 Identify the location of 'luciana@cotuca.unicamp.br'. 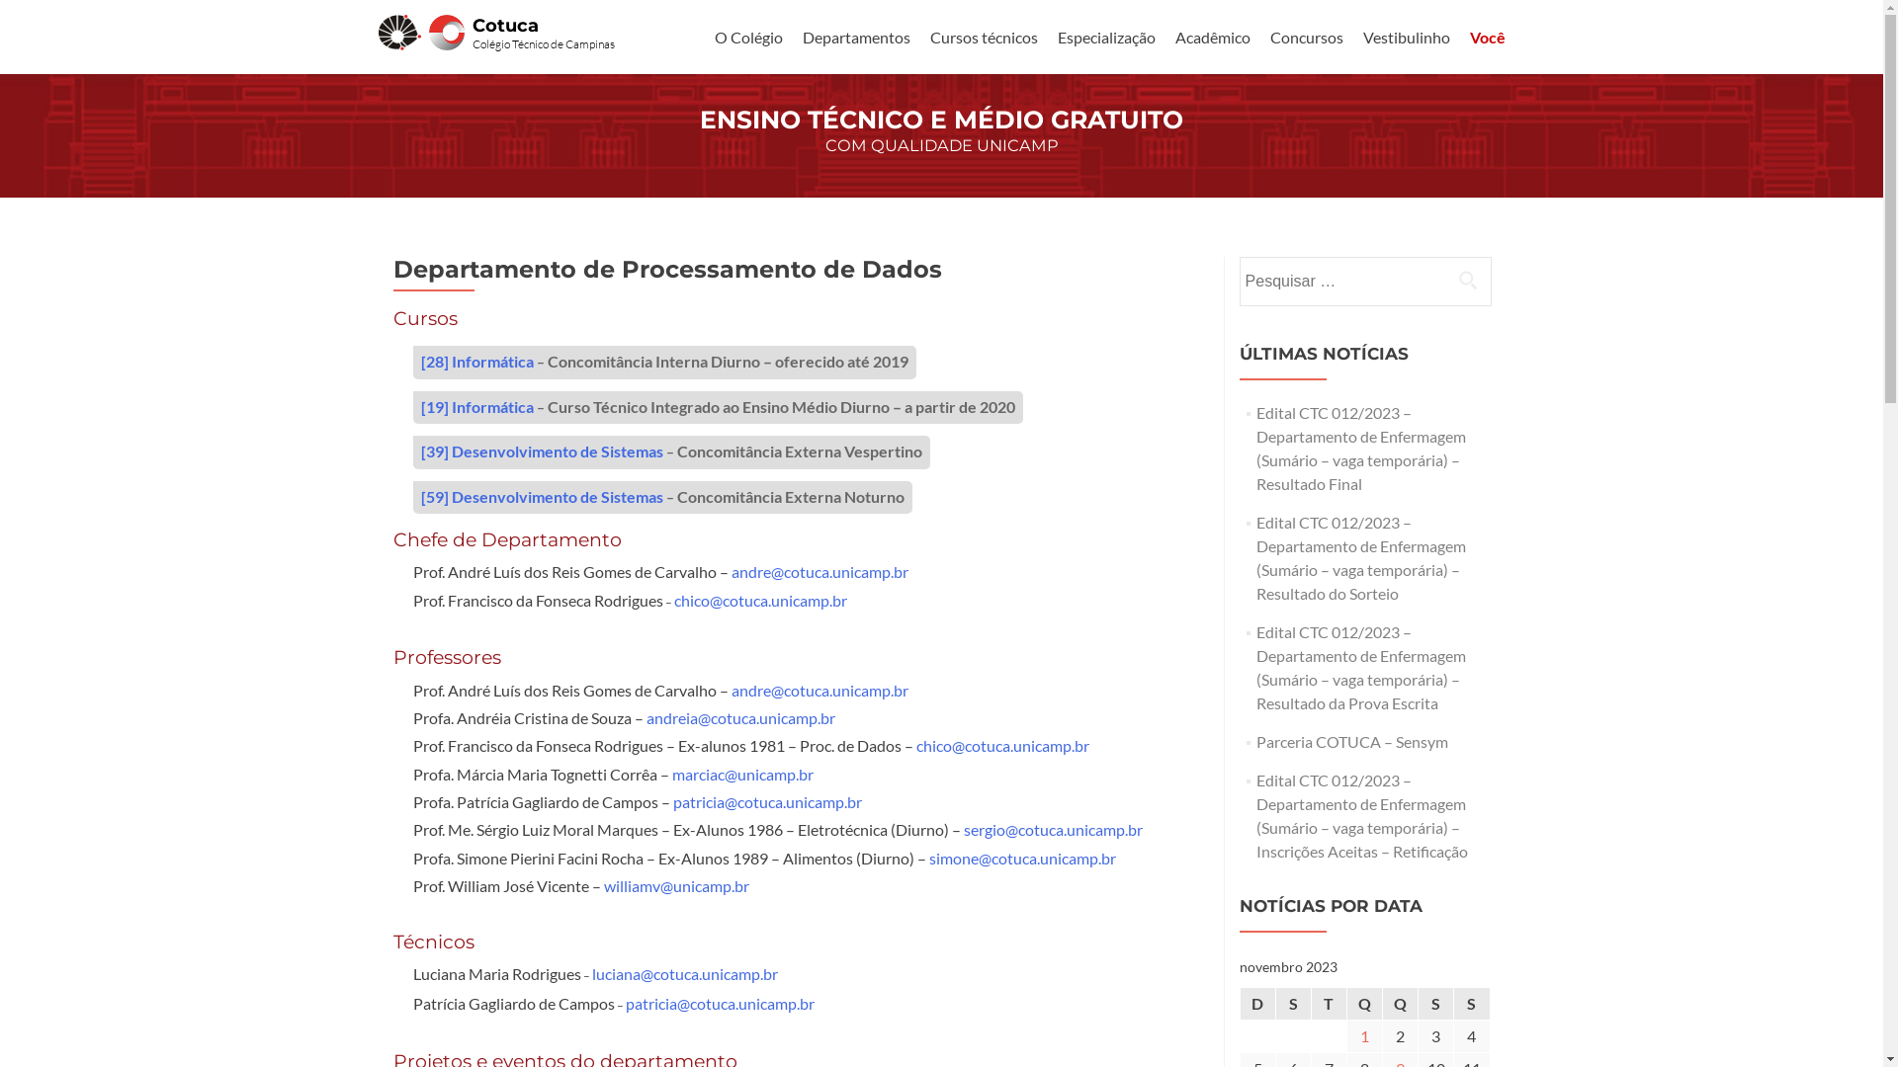
(683, 972).